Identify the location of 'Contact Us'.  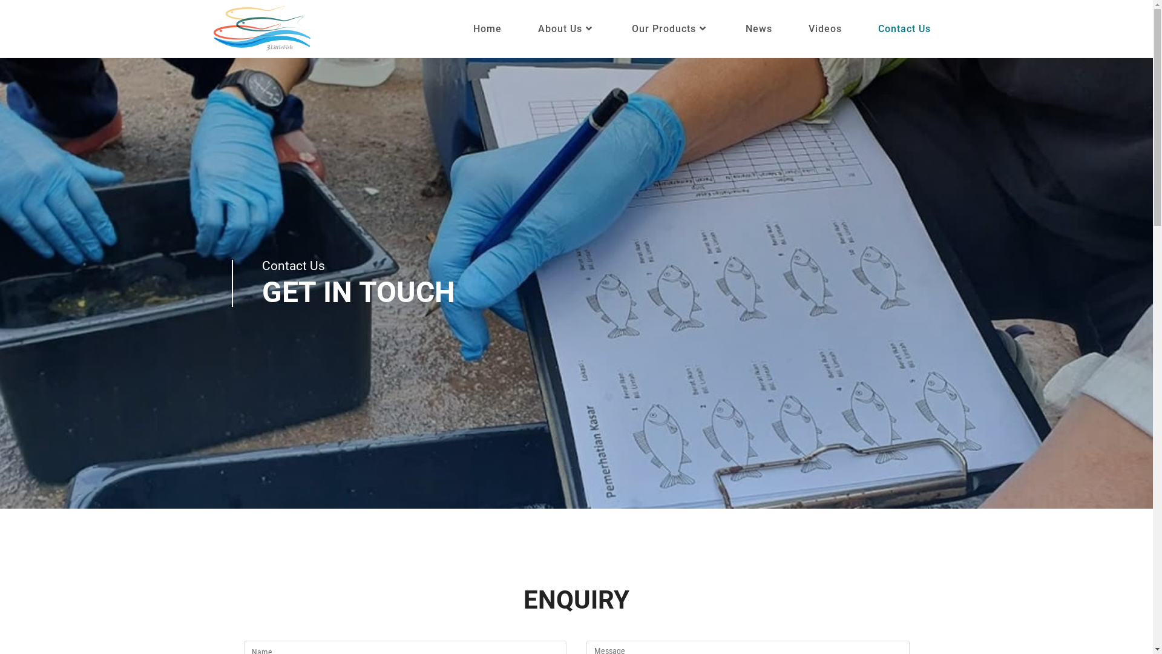
(904, 28).